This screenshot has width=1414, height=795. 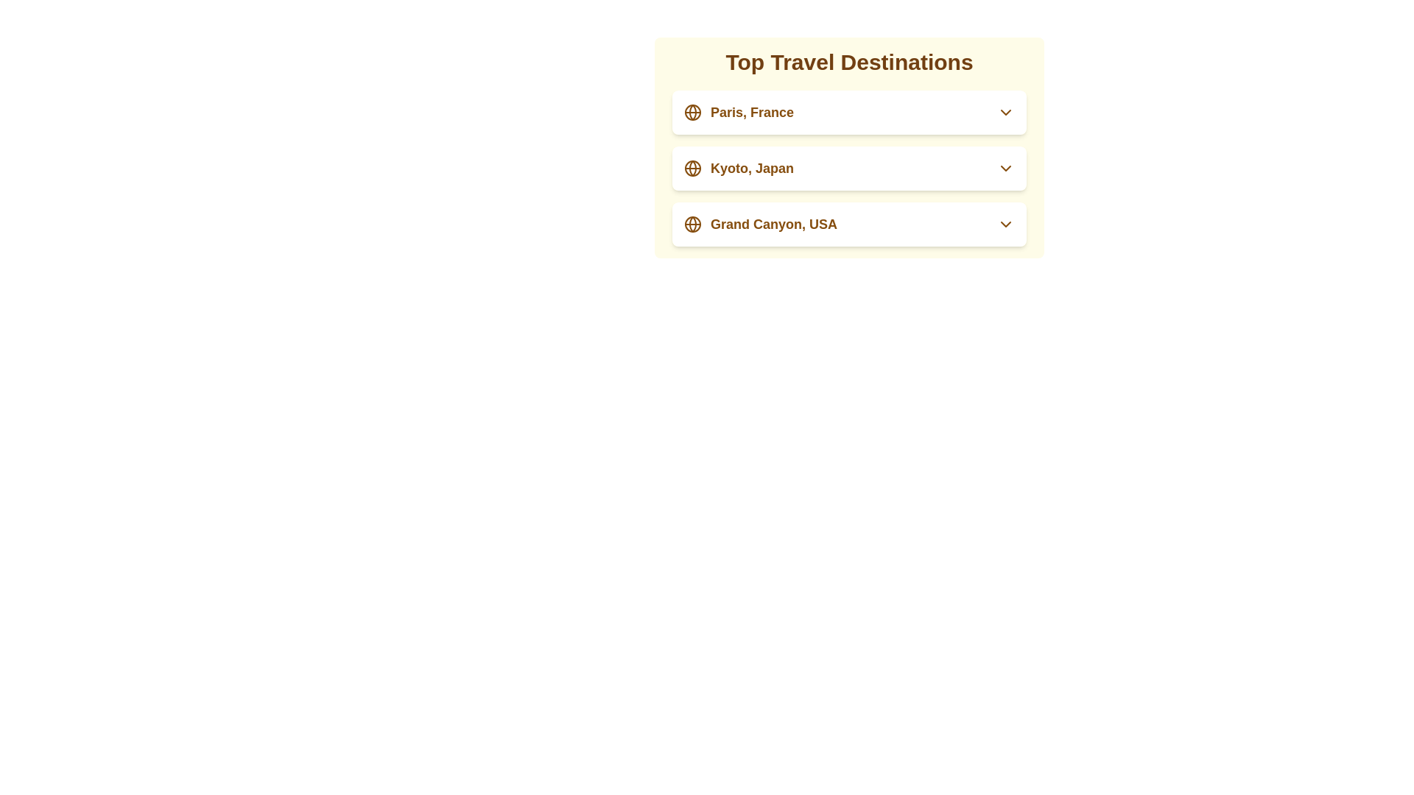 What do you see at coordinates (692, 112) in the screenshot?
I see `the globe icon styled in line art, located to the left of 'Paris, France' in the first row of the 'Top Travel Destinations' list` at bounding box center [692, 112].